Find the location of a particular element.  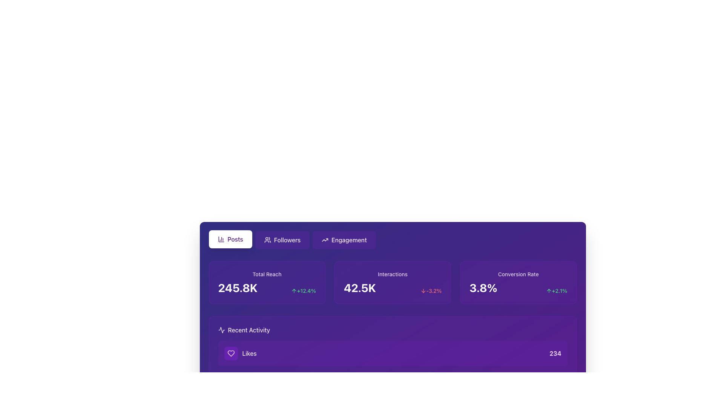

text 'Engagement' located within the purple button that has rounded corners and an upward arrow icon to its left is located at coordinates (349, 240).